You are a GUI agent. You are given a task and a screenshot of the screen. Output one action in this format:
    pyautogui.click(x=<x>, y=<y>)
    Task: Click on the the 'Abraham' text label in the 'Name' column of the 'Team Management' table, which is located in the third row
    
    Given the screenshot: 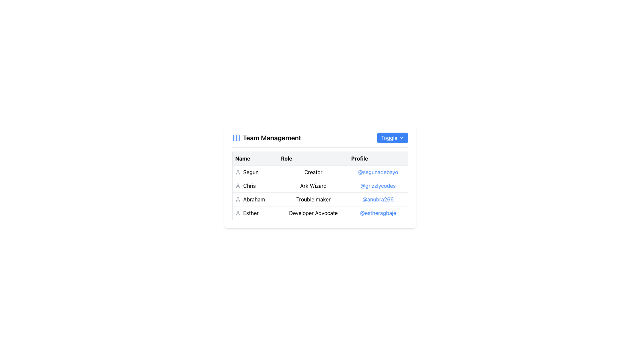 What is the action you would take?
    pyautogui.click(x=255, y=199)
    